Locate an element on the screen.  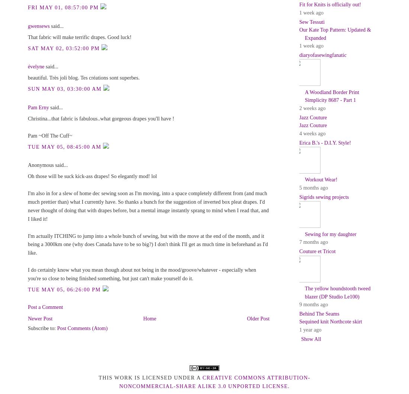
'The yellow houndstooth tweed blazer (DP Studio Le100)' is located at coordinates (338, 292).